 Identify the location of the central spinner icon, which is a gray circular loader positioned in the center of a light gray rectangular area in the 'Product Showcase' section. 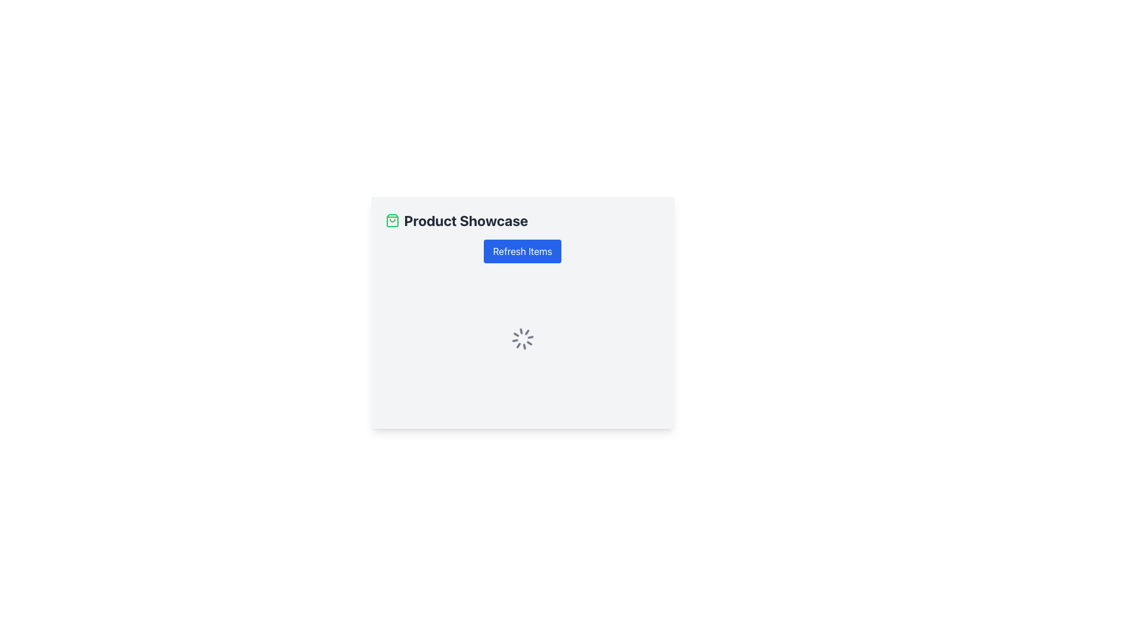
(522, 339).